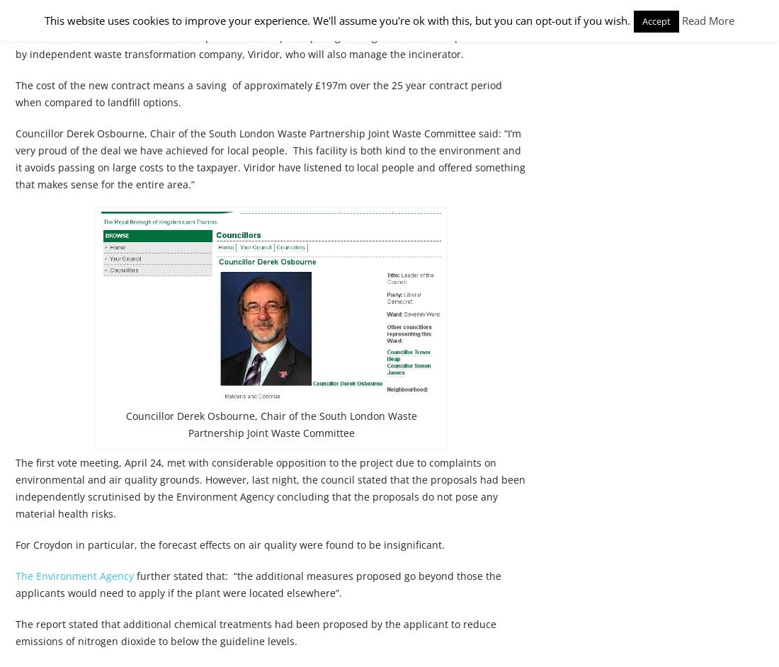 This screenshot has height=667, width=779. Describe the element at coordinates (707, 21) in the screenshot. I see `'Read More'` at that location.